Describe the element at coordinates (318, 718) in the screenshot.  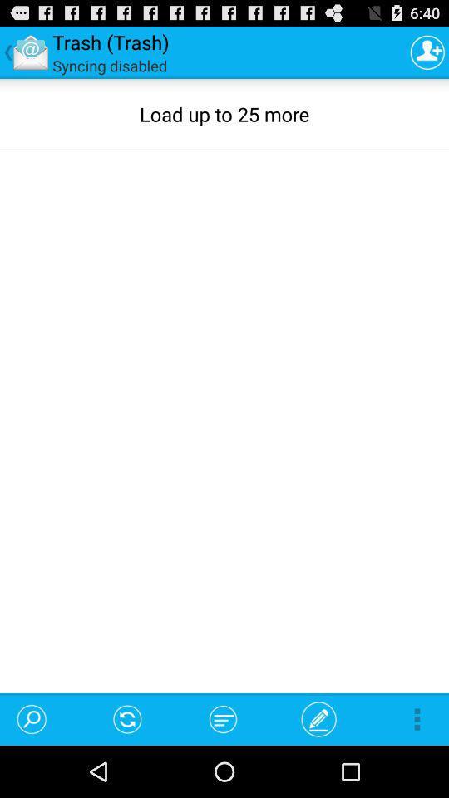
I see `the item below the load up to item` at that location.